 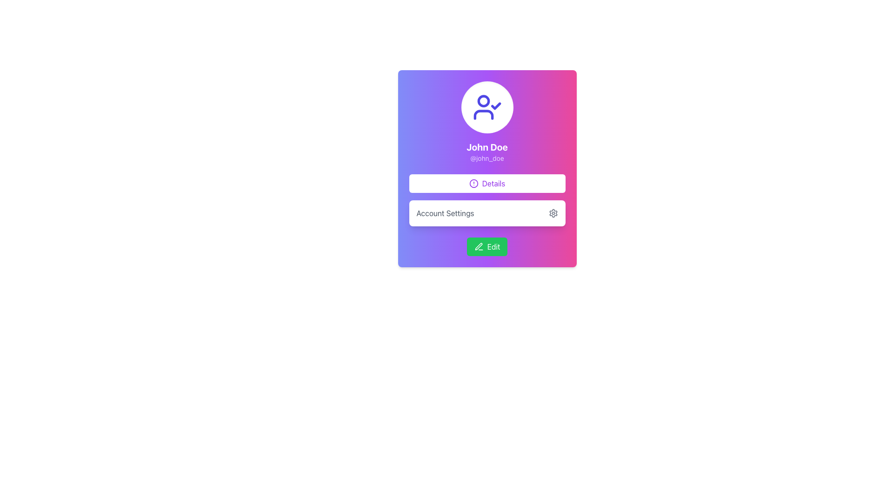 What do you see at coordinates (486, 246) in the screenshot?
I see `the green 'Edit' button with a pencil icon` at bounding box center [486, 246].